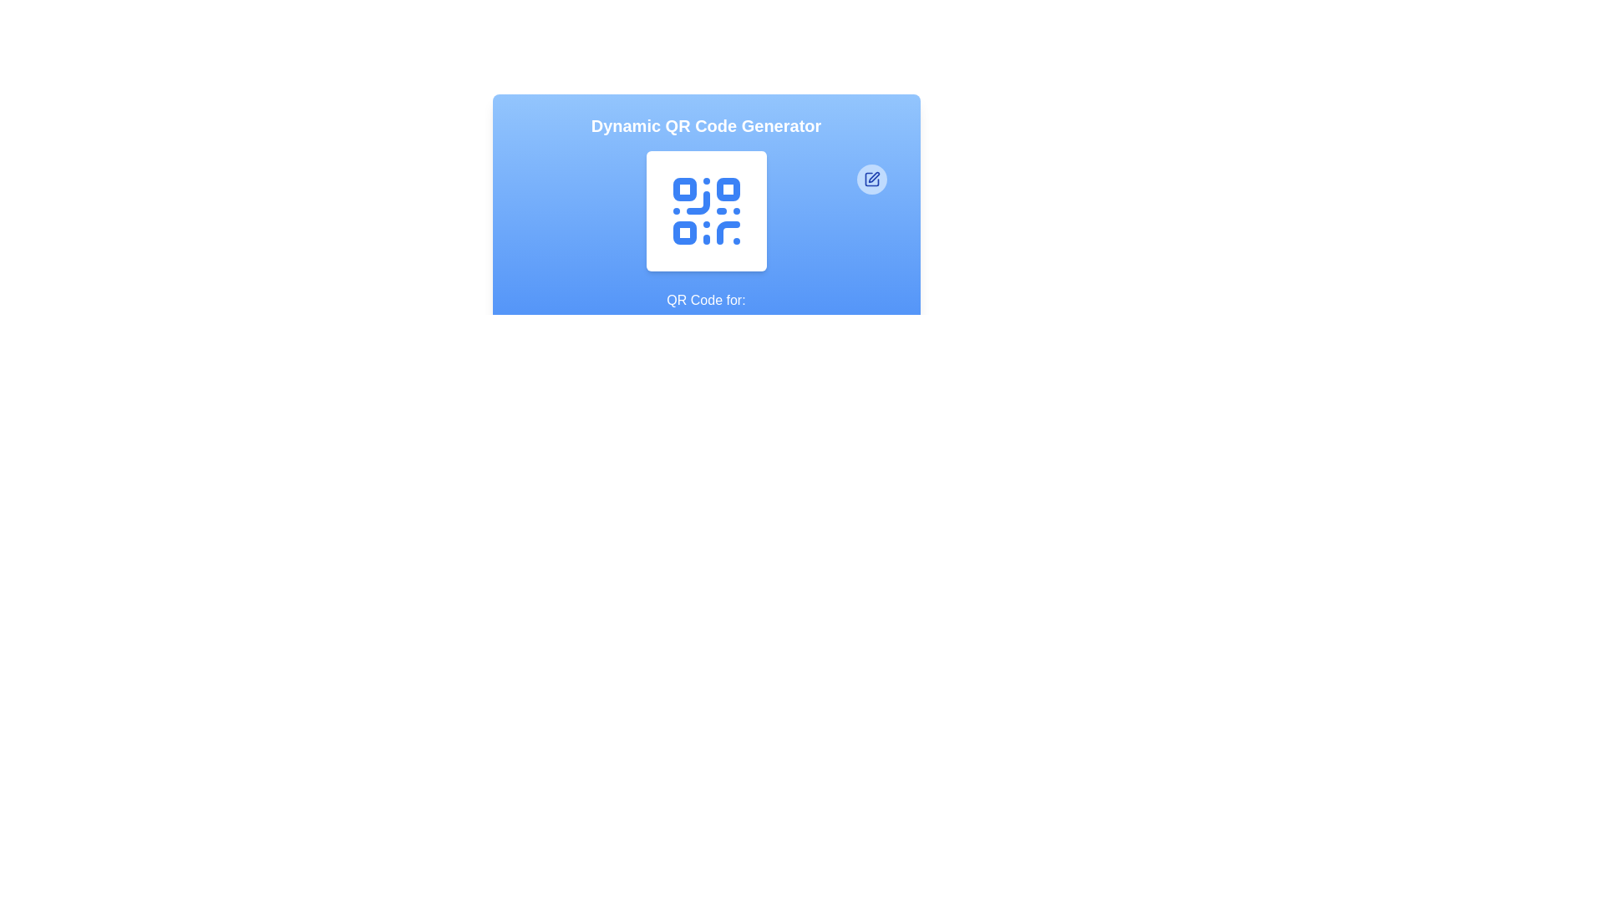  Describe the element at coordinates (728, 189) in the screenshot. I see `the second square in the top row of the QR code pattern, which is part of a QR code representation` at that location.